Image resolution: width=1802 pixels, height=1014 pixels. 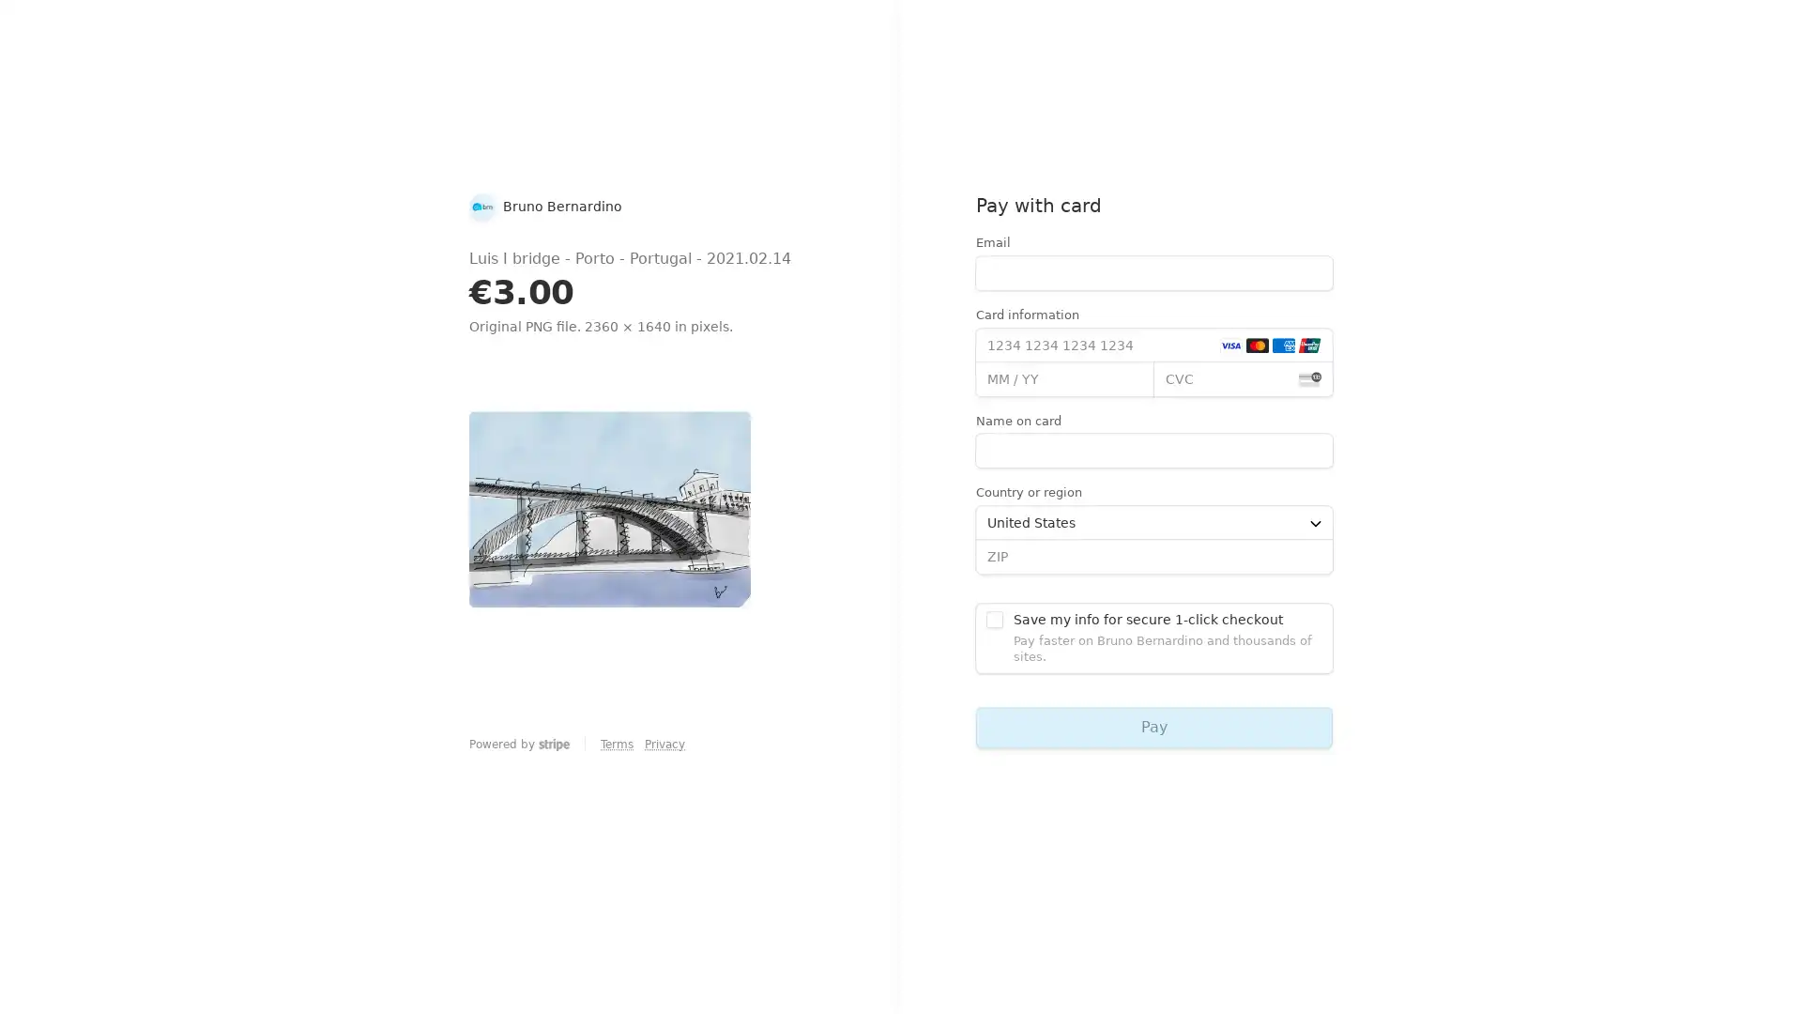 What do you see at coordinates (1153, 726) in the screenshot?
I see `Pay` at bounding box center [1153, 726].